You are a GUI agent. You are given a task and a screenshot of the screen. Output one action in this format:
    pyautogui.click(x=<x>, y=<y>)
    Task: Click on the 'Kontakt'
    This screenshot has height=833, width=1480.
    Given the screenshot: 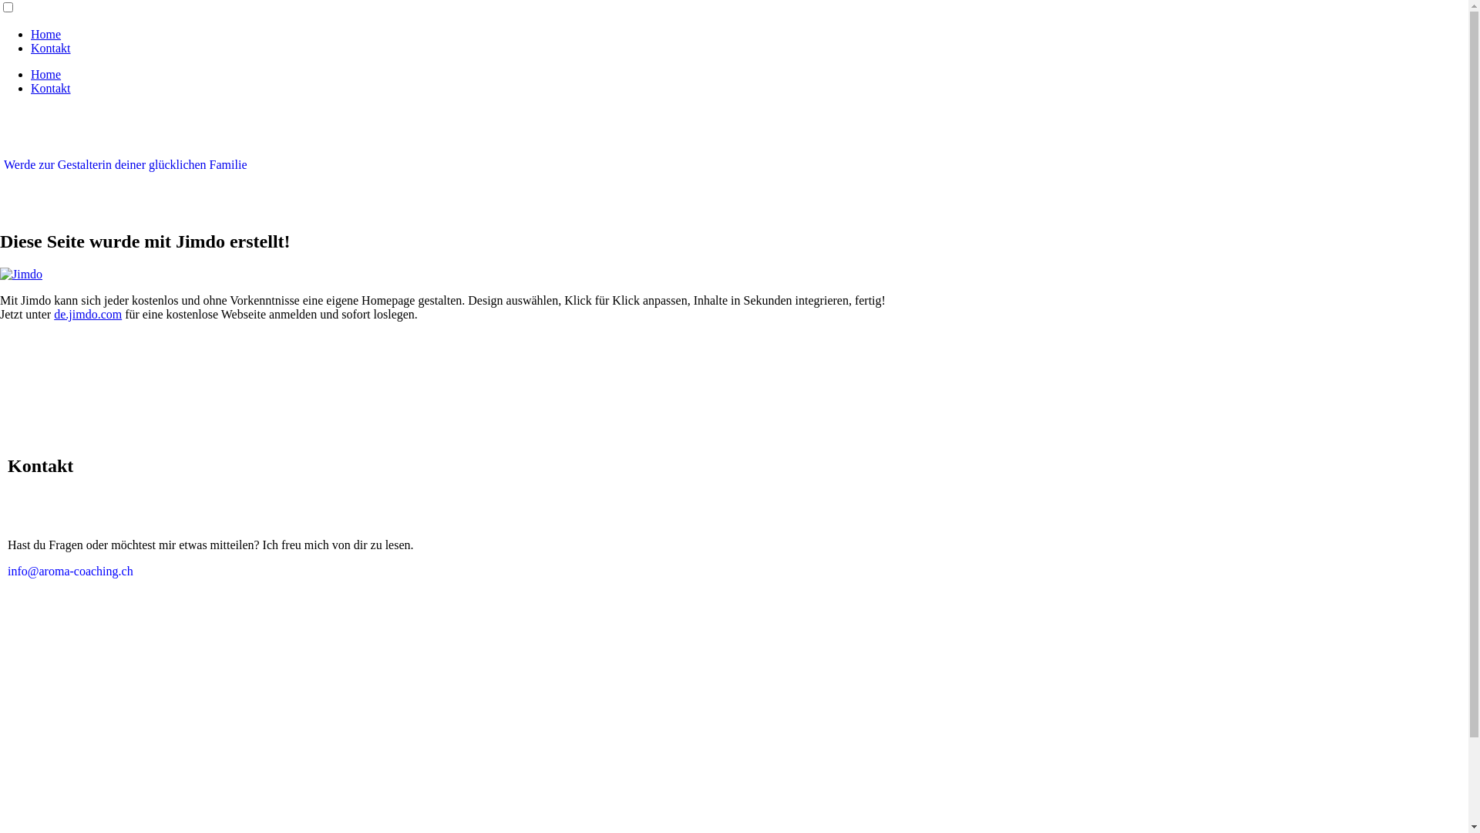 What is the action you would take?
    pyautogui.click(x=51, y=47)
    